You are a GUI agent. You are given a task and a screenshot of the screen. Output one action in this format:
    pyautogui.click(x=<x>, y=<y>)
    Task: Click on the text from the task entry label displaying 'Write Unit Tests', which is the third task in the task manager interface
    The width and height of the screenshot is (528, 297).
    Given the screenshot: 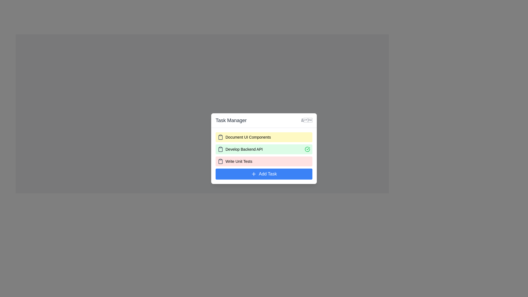 What is the action you would take?
    pyautogui.click(x=235, y=161)
    